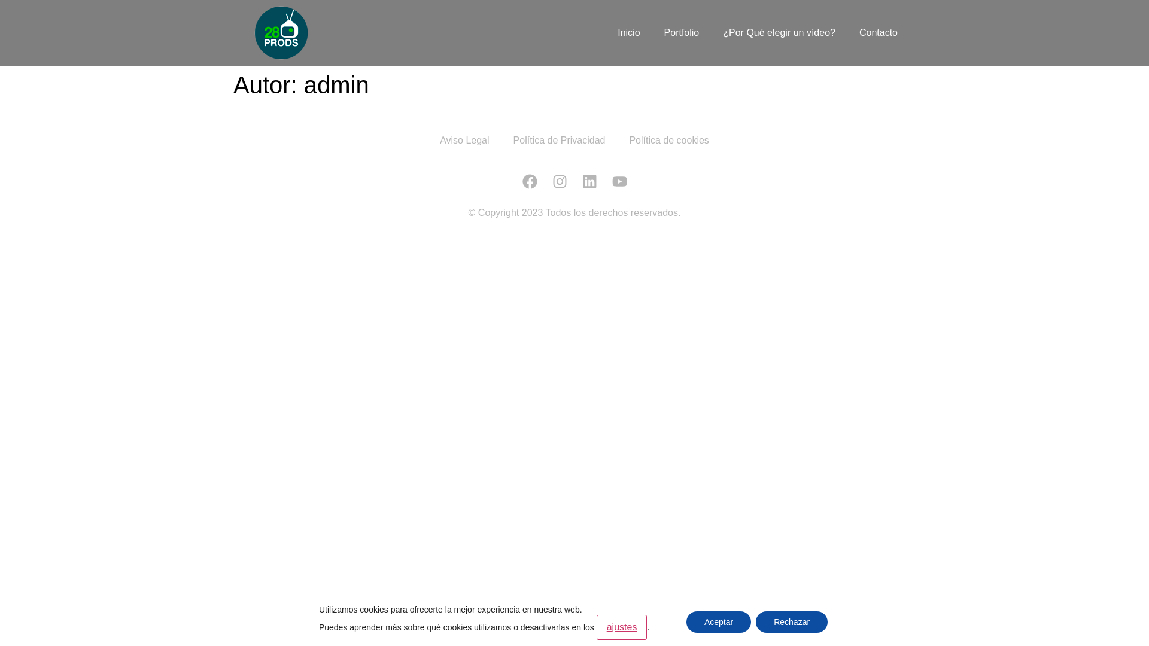  Describe the element at coordinates (792, 621) in the screenshot. I see `'Rechazar'` at that location.